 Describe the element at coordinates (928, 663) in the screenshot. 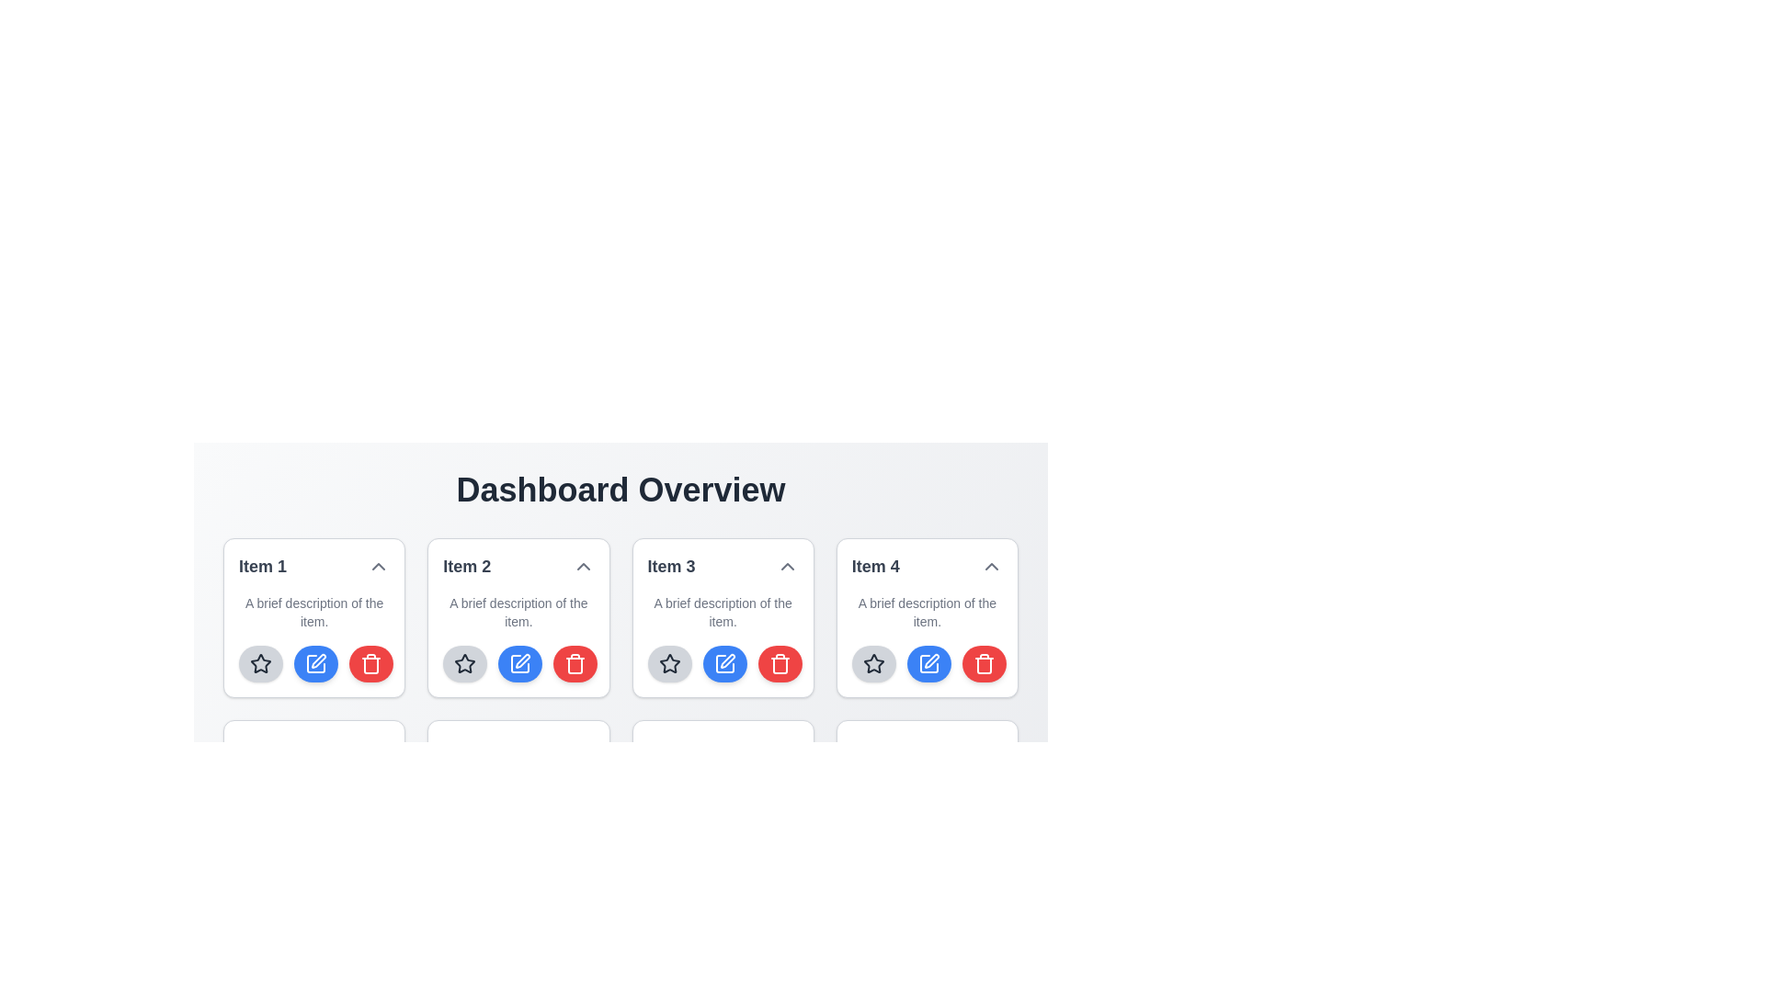

I see `the circular blue button with a white pen icon in the center` at that location.